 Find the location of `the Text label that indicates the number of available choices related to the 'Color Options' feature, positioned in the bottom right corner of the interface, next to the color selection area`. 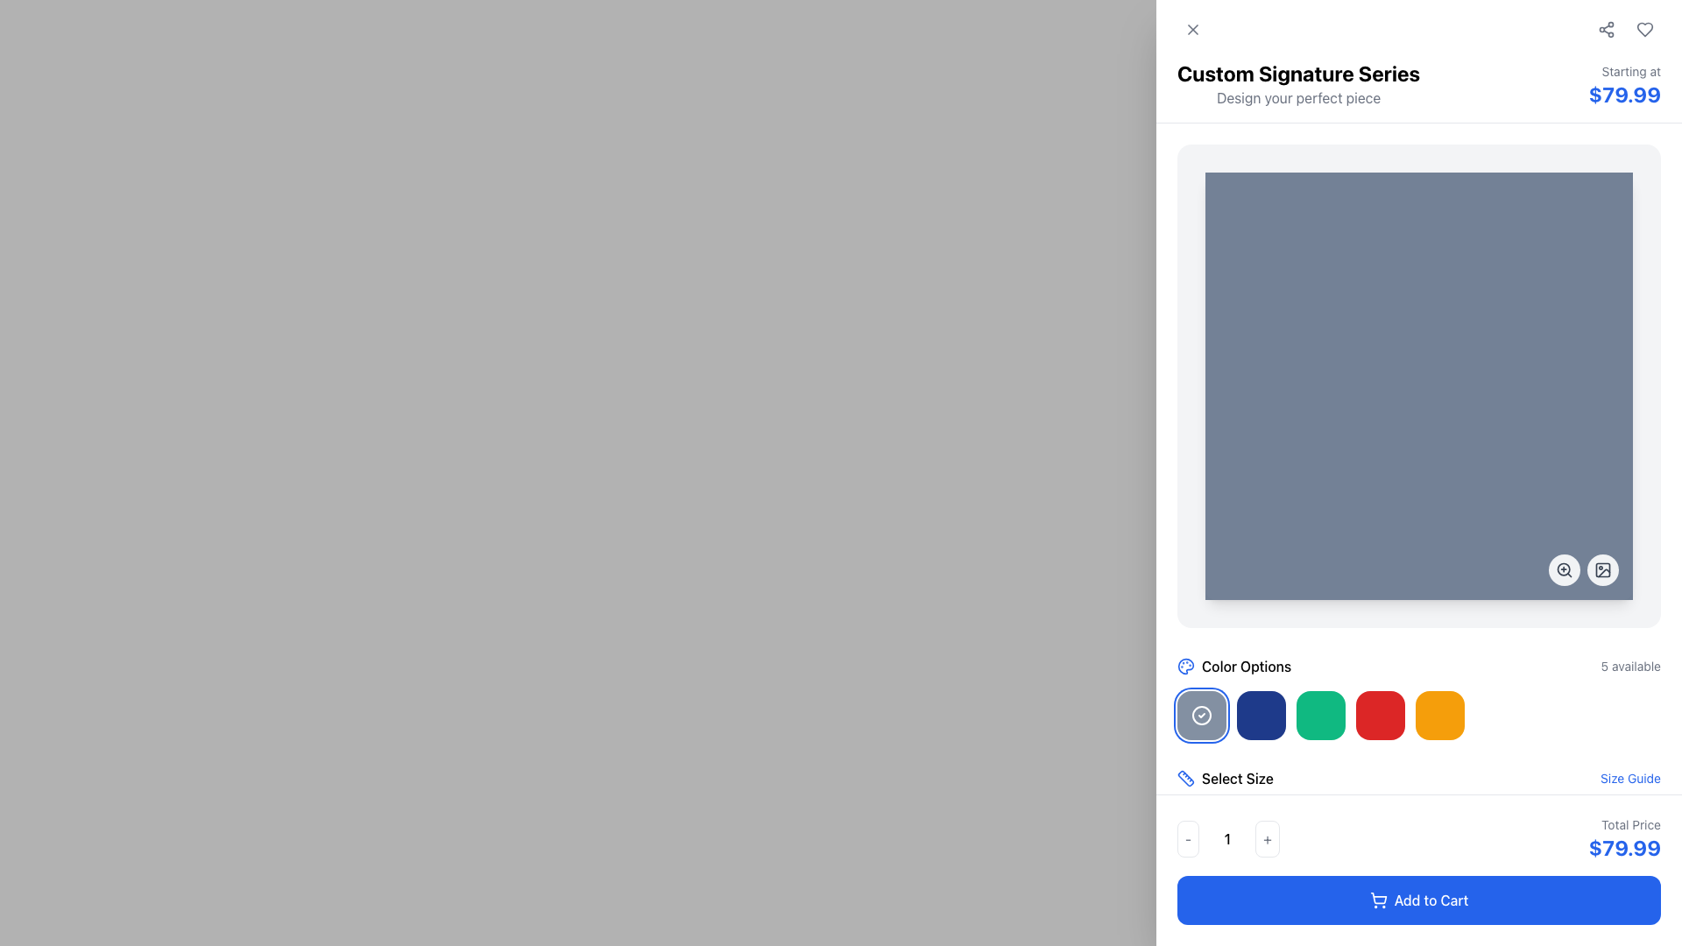

the Text label that indicates the number of available choices related to the 'Color Options' feature, positioned in the bottom right corner of the interface, next to the color selection area is located at coordinates (1629, 666).